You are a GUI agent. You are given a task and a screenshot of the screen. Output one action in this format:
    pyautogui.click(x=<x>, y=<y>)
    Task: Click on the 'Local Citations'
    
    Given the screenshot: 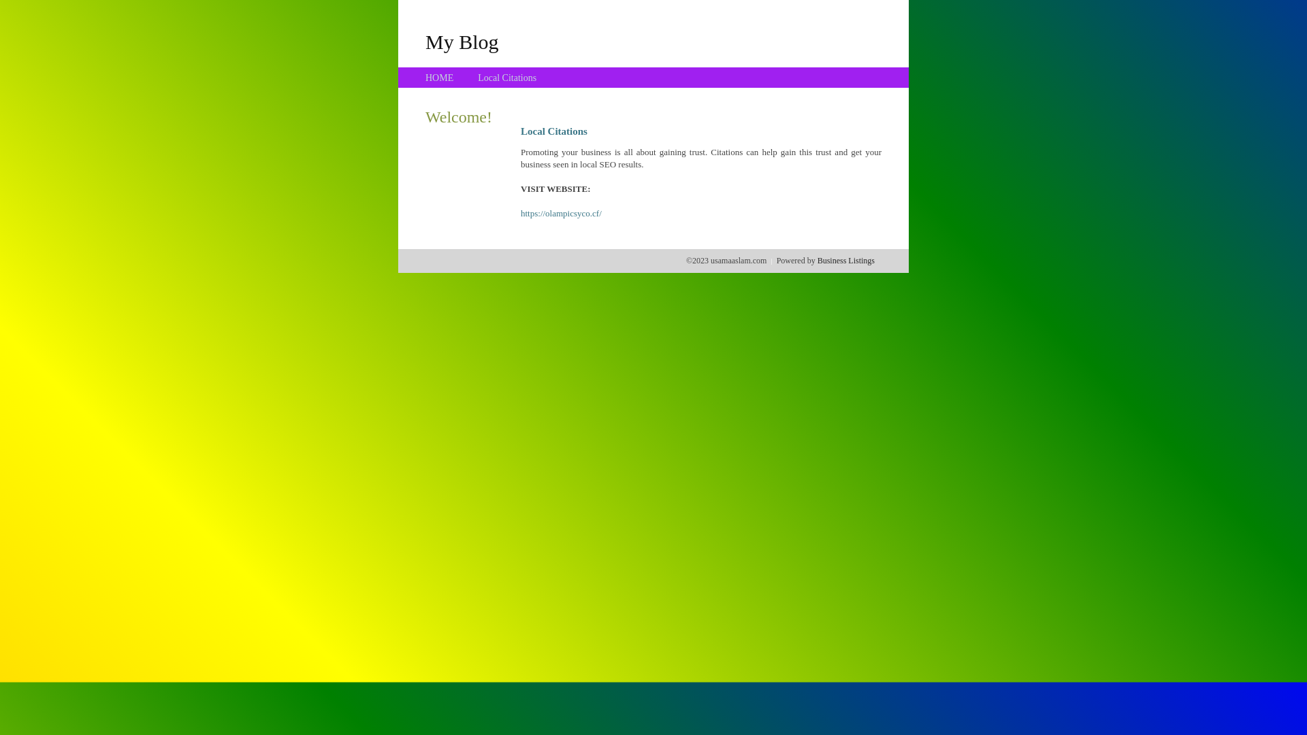 What is the action you would take?
    pyautogui.click(x=477, y=78)
    